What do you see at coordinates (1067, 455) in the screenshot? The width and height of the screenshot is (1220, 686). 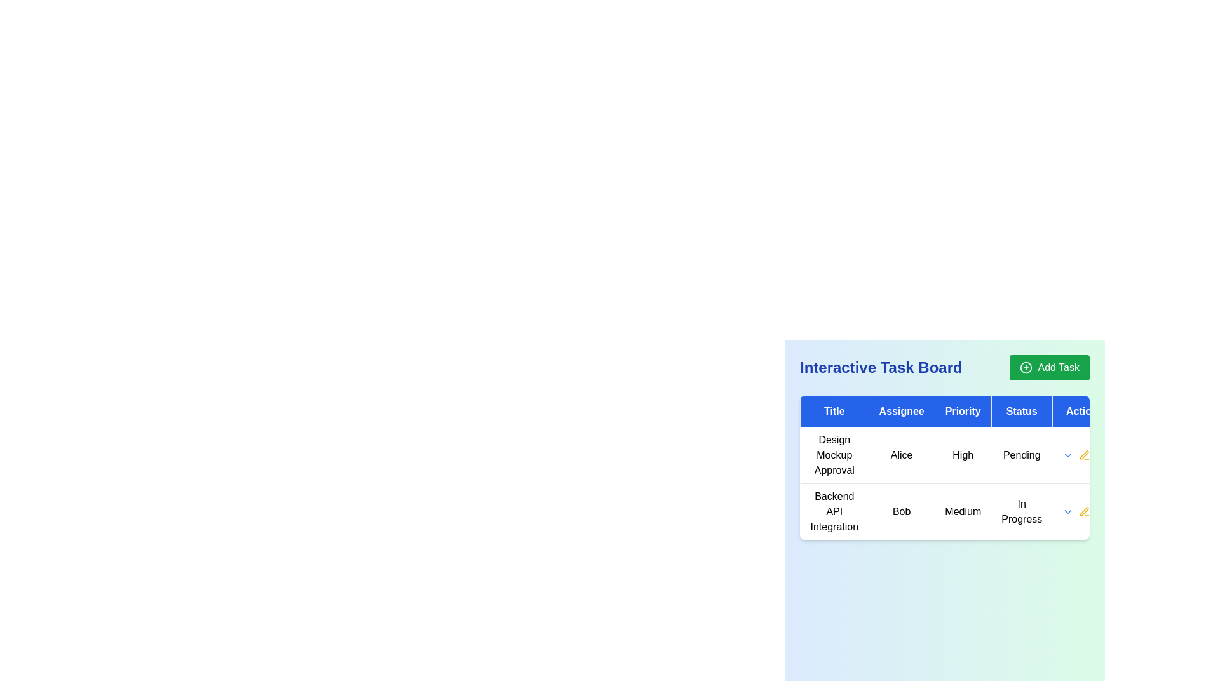 I see `the Dropdown menu trigger icon, which is a small downward-pointing blue arrow located in the 'Actions' column of the second row for the task 'Backend API Integration'` at bounding box center [1067, 455].